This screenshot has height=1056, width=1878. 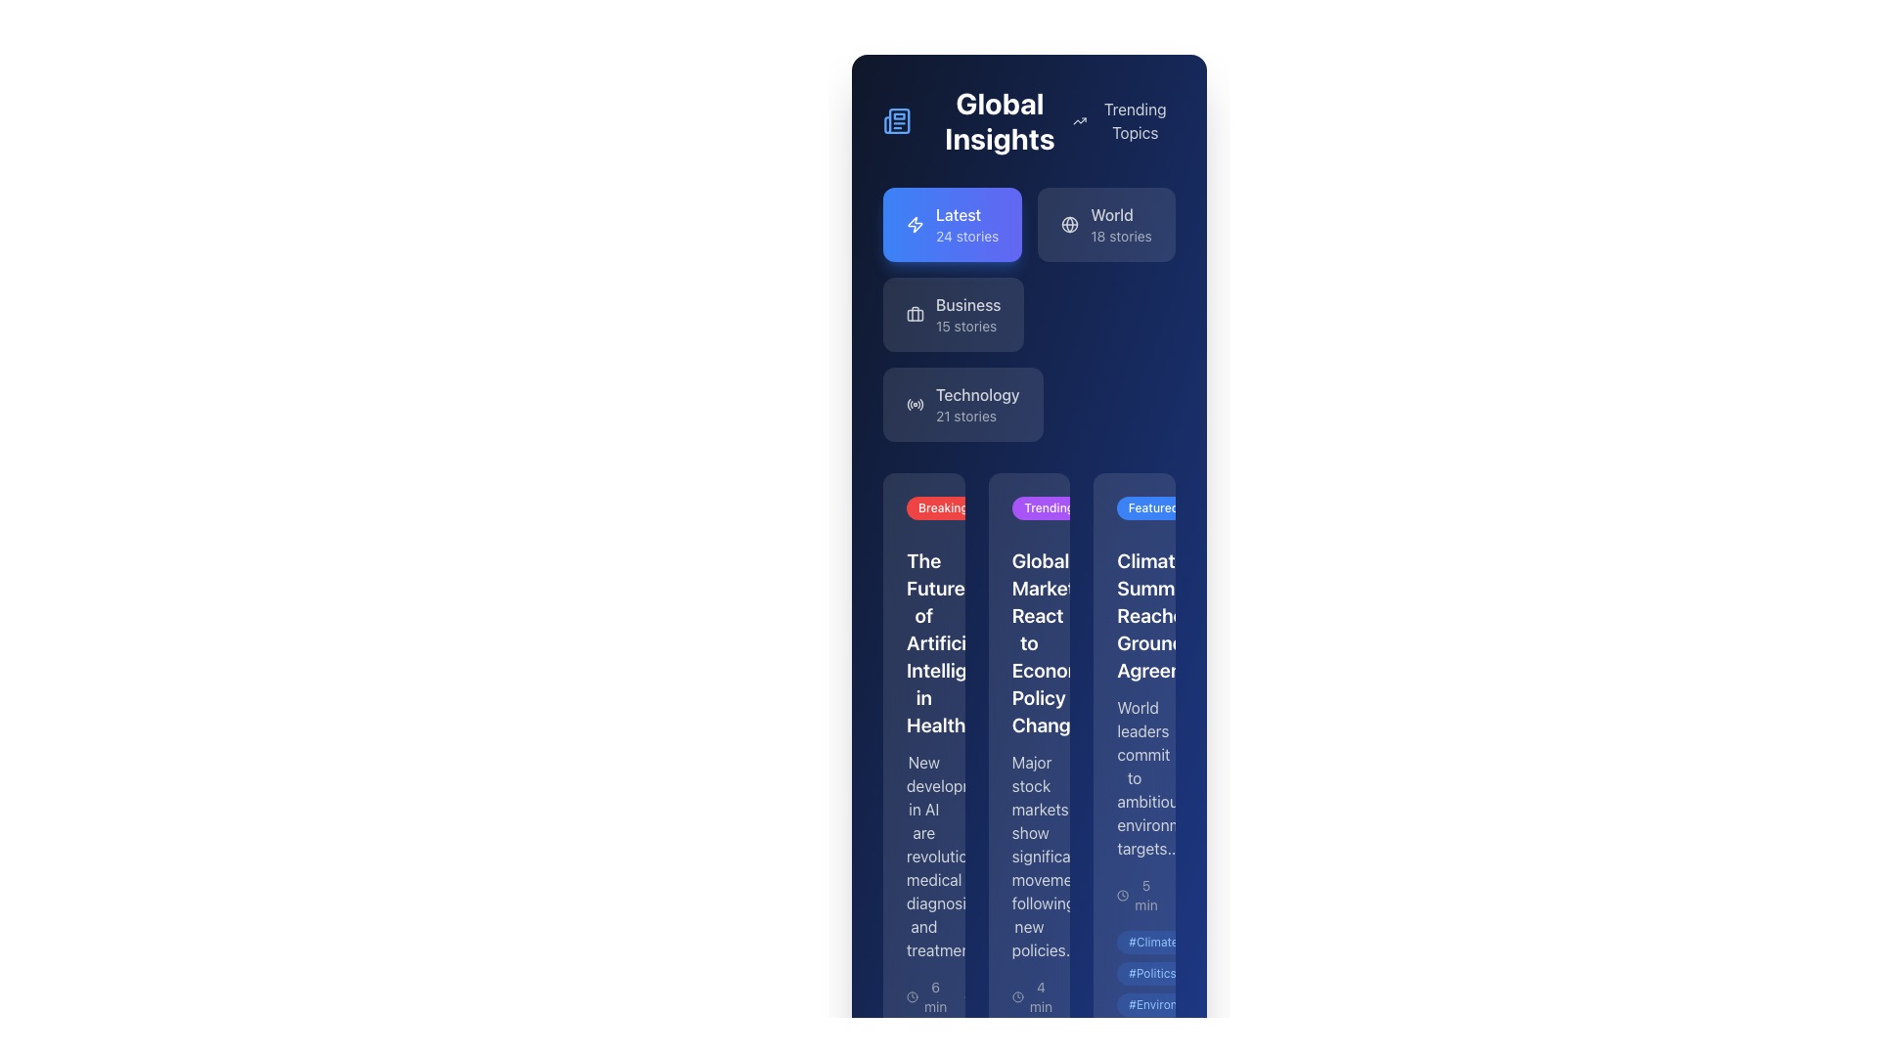 What do you see at coordinates (915, 224) in the screenshot?
I see `the lightning bolt icon located in the 'Latest 24 stories' component, which represents energy, speed, or activation` at bounding box center [915, 224].